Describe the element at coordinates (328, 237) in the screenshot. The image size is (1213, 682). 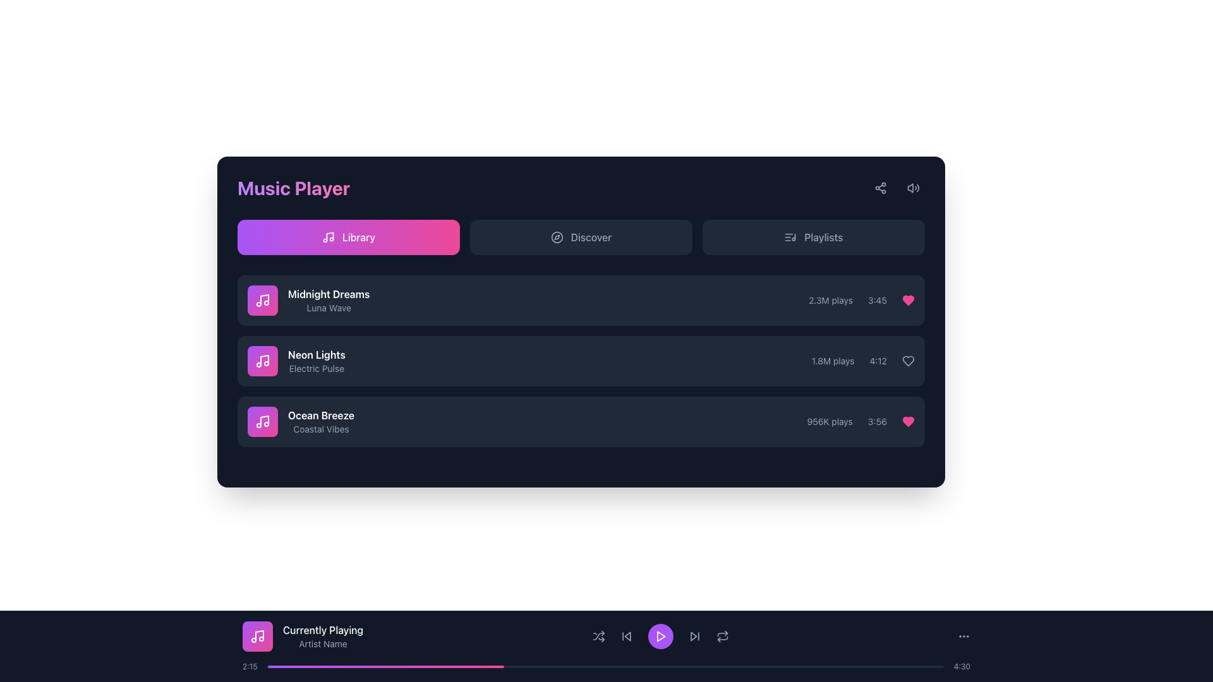
I see `the 'Library' icon, which is part of the navigation tabs at the top-left area of the main interface, located to the left of the 'Library' label` at that location.